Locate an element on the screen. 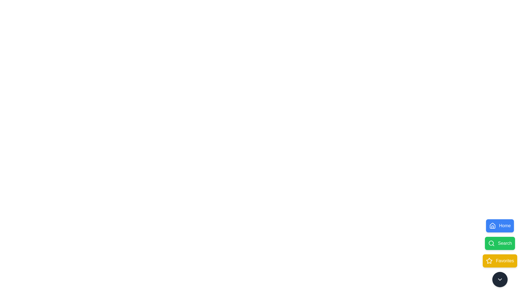  the Search button to observe its animation is located at coordinates (500, 243).